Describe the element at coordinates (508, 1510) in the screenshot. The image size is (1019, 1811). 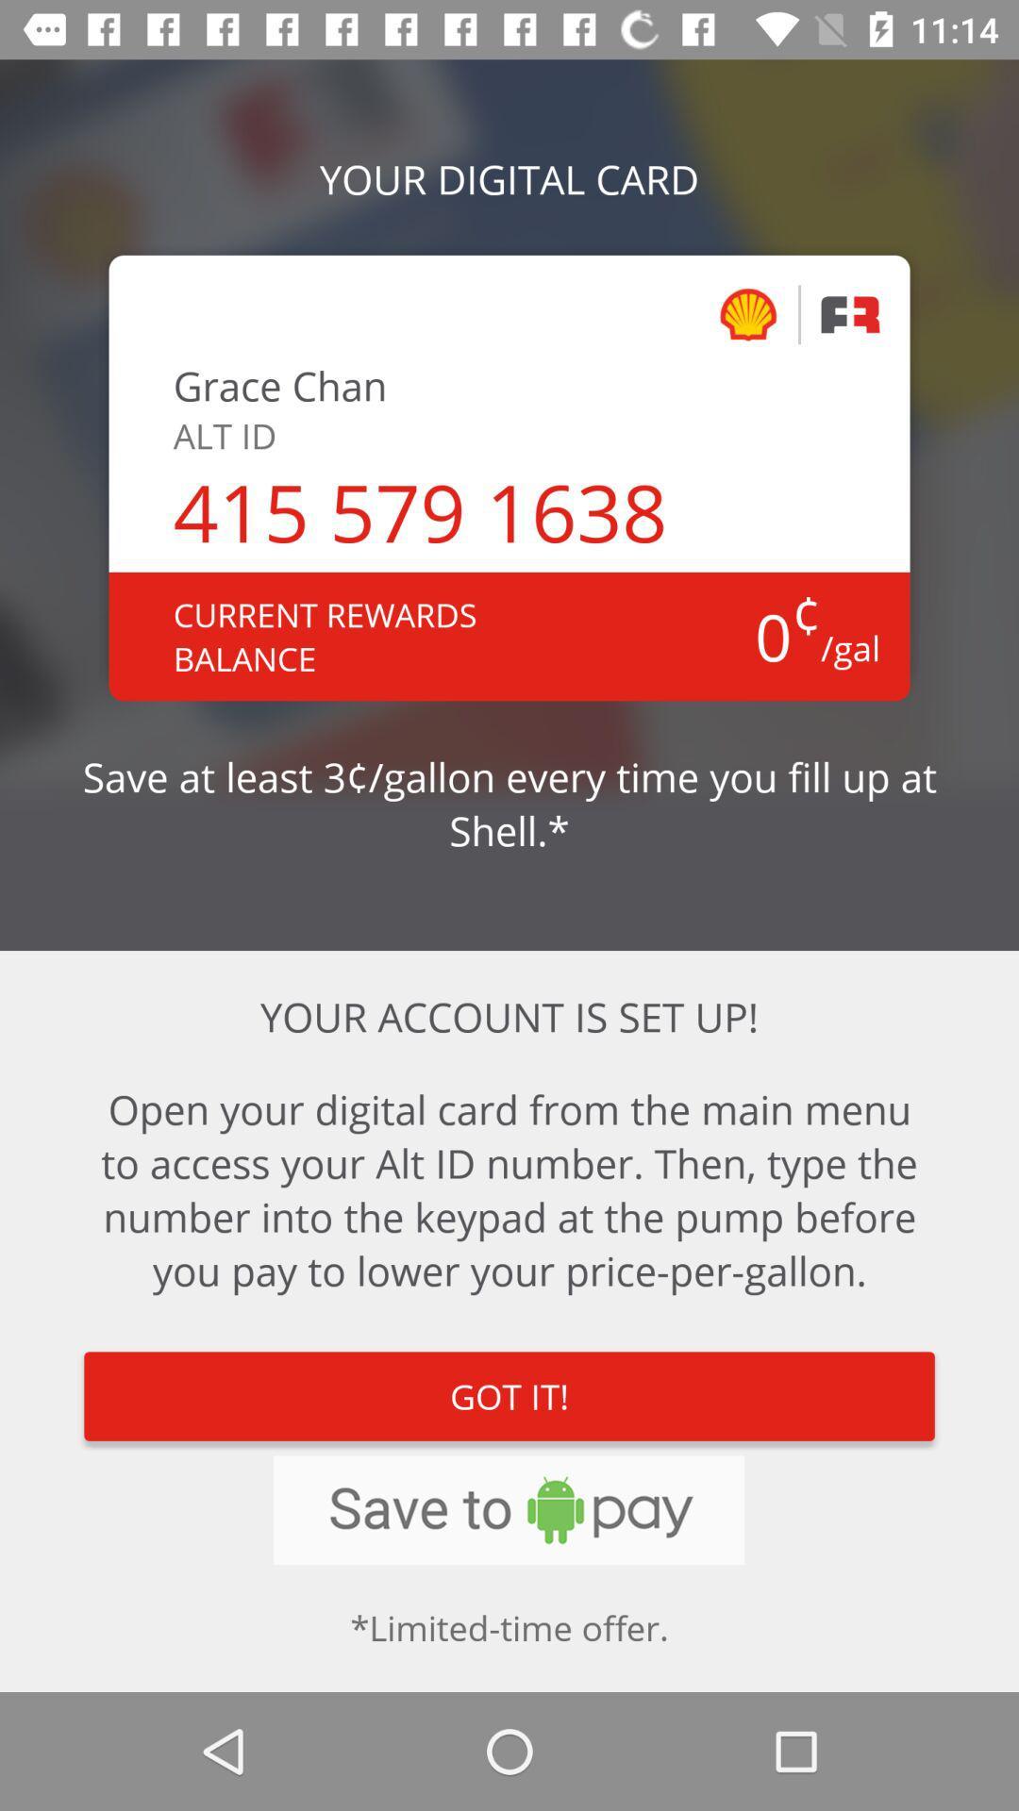
I see `to android pay` at that location.